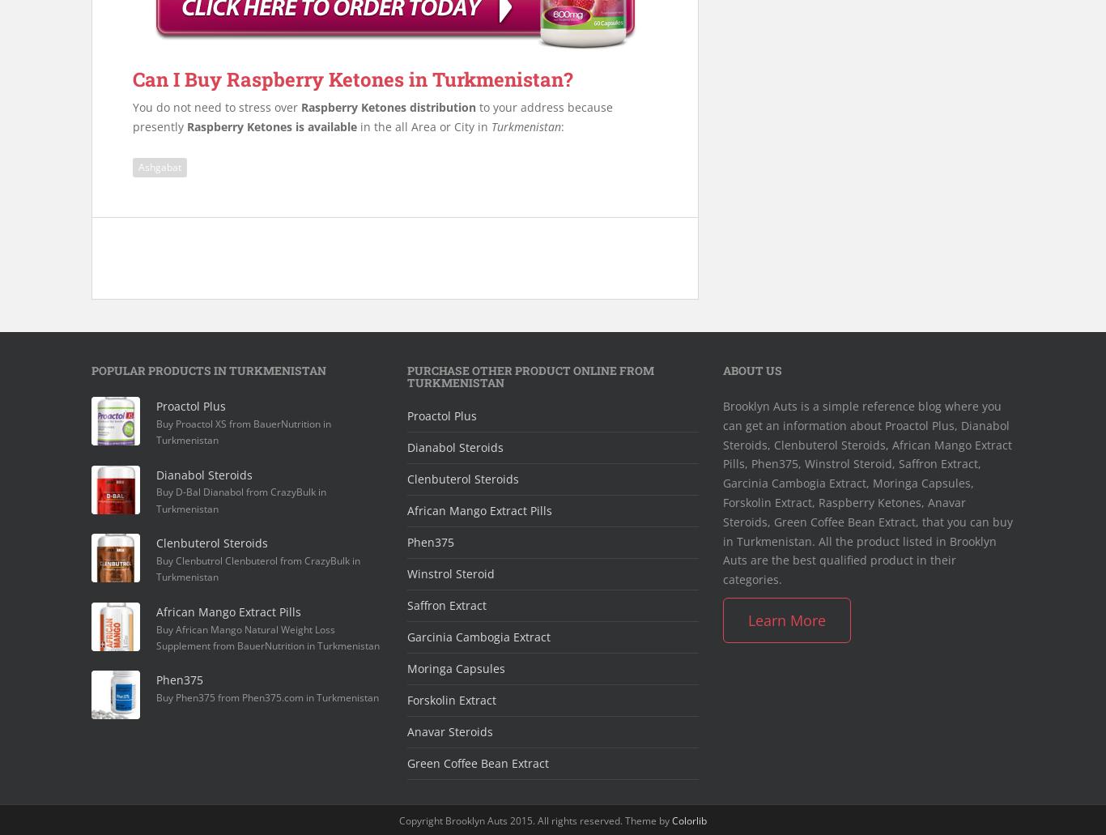 The image size is (1106, 835). What do you see at coordinates (423, 125) in the screenshot?
I see `'in the all Area or City in'` at bounding box center [423, 125].